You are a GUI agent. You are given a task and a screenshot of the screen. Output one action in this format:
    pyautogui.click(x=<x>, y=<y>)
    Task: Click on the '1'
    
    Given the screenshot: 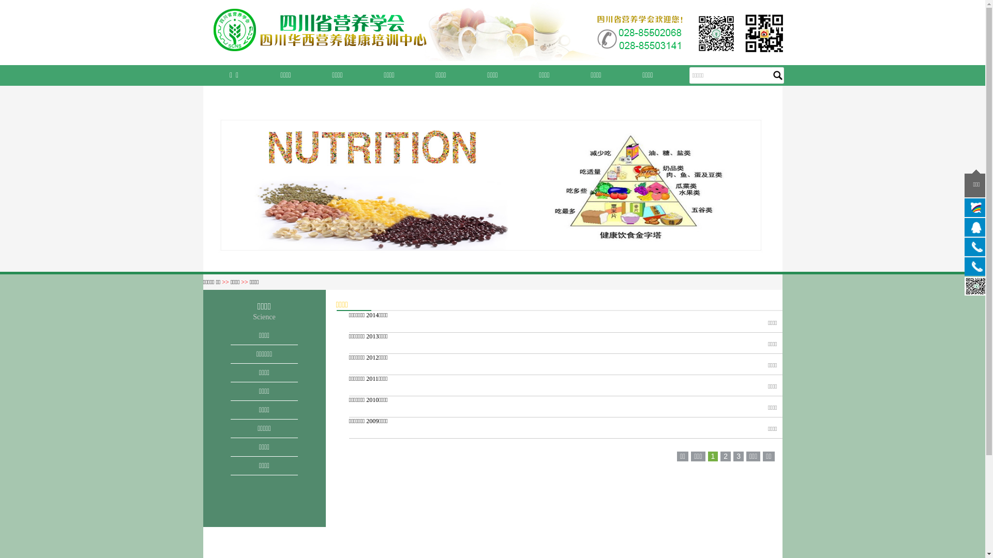 What is the action you would take?
    pyautogui.click(x=712, y=456)
    